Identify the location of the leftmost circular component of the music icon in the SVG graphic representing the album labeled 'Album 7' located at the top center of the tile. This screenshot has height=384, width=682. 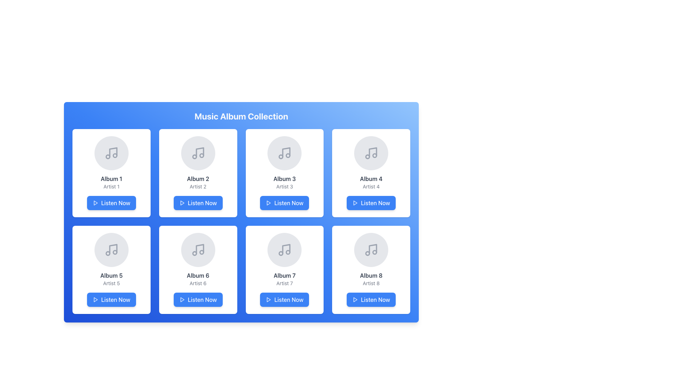
(281, 253).